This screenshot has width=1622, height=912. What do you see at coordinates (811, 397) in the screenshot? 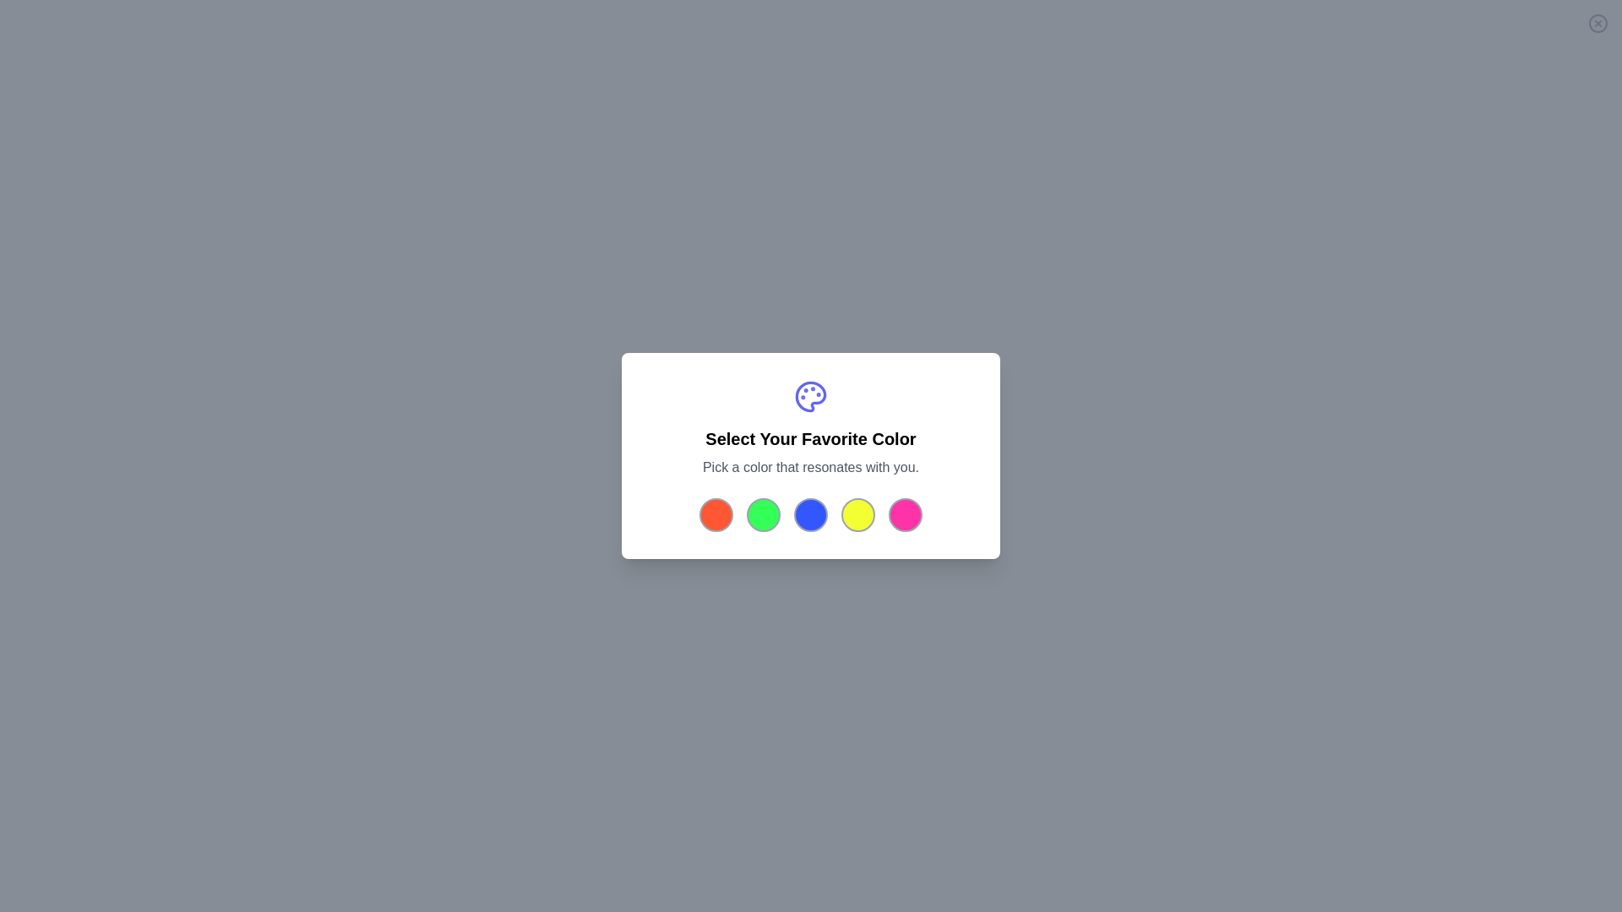
I see `the palette icon at the top of the dialog` at bounding box center [811, 397].